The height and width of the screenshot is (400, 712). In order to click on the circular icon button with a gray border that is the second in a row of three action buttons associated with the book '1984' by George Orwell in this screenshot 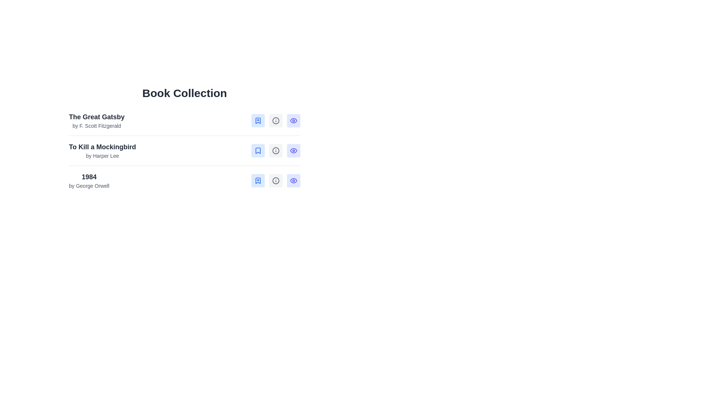, I will do `click(276, 181)`.